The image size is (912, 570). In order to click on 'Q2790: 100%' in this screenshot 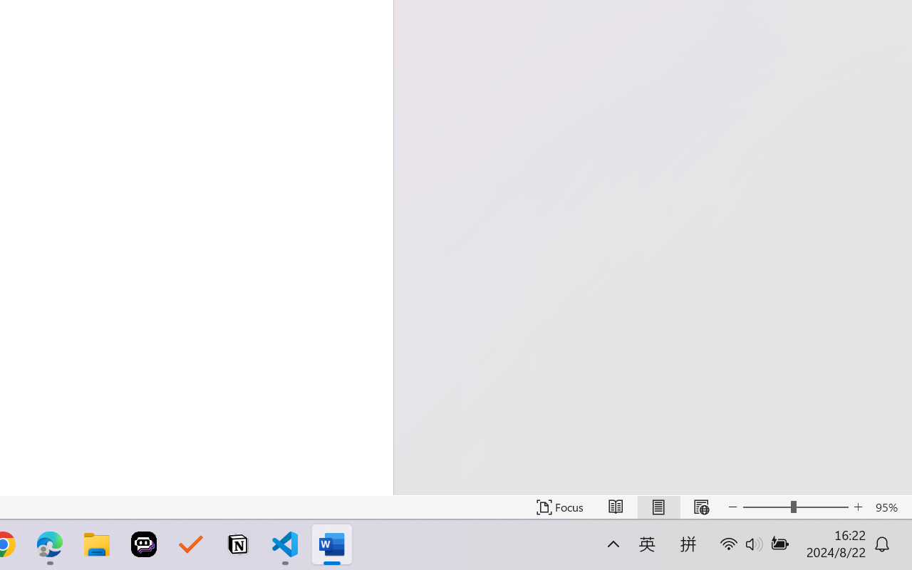, I will do `click(778, 553)`.